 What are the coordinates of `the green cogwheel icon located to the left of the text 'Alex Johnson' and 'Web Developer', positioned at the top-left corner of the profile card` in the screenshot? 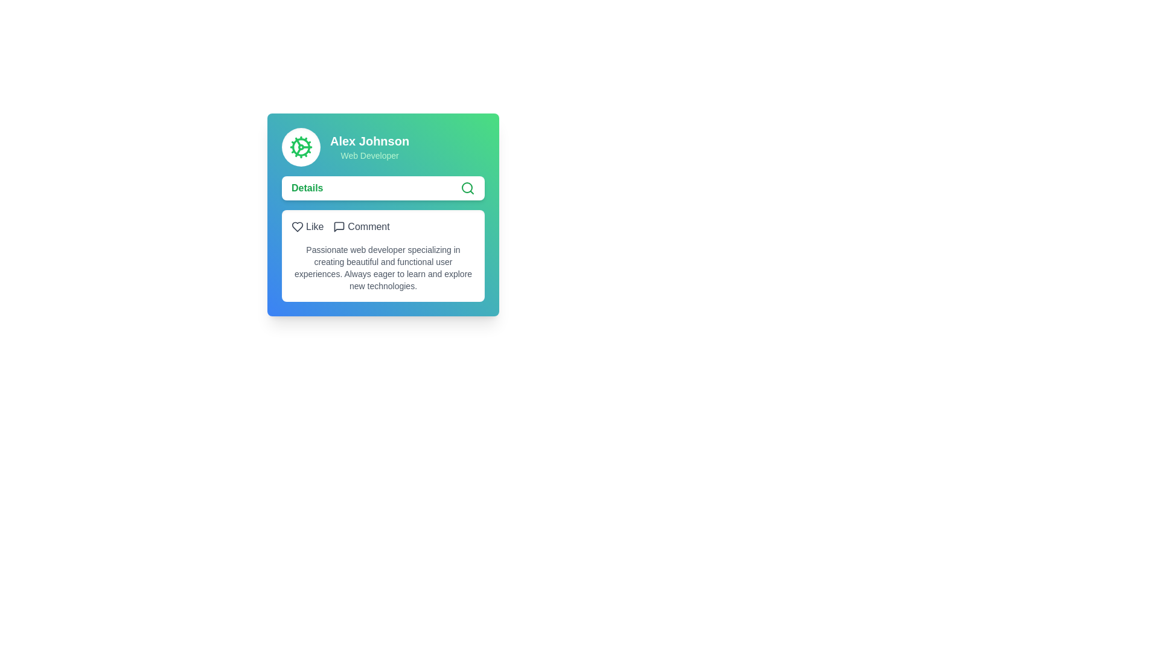 It's located at (301, 146).